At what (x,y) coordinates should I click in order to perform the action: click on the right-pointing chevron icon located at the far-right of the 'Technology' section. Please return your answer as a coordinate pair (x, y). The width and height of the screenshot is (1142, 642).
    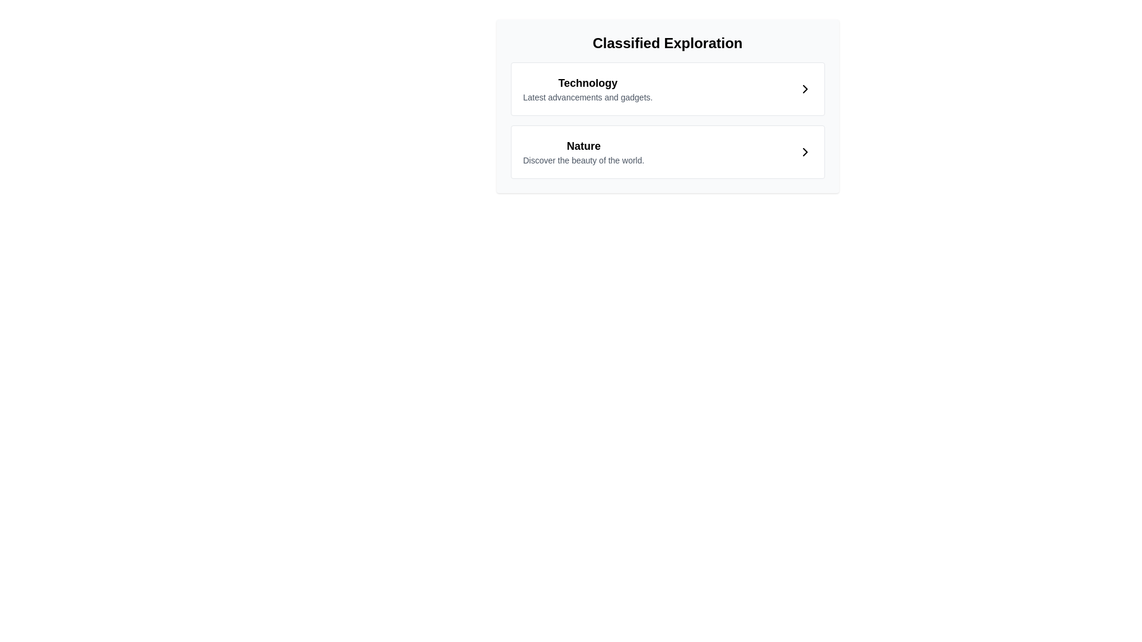
    Looking at the image, I should click on (805, 89).